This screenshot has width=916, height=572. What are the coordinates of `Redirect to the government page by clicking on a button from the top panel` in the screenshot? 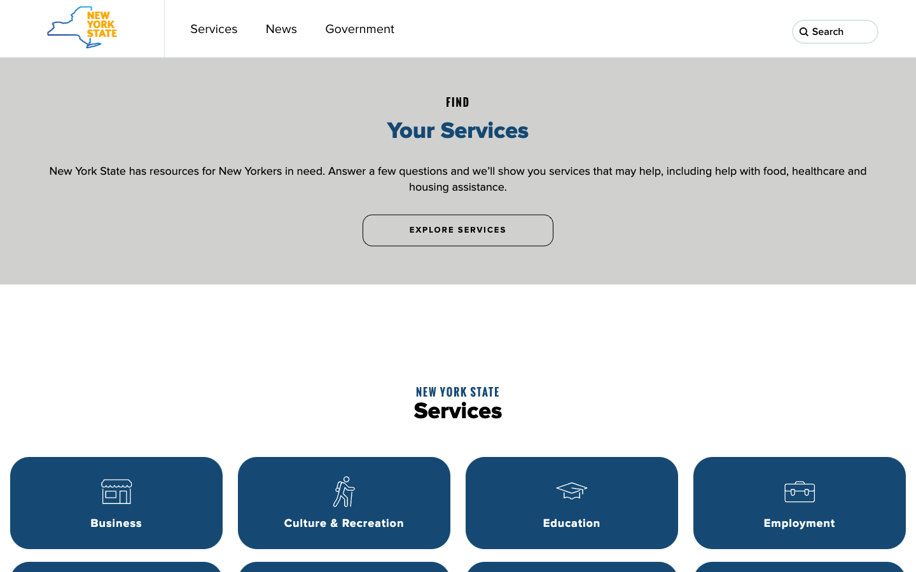 It's located at (359, 28).